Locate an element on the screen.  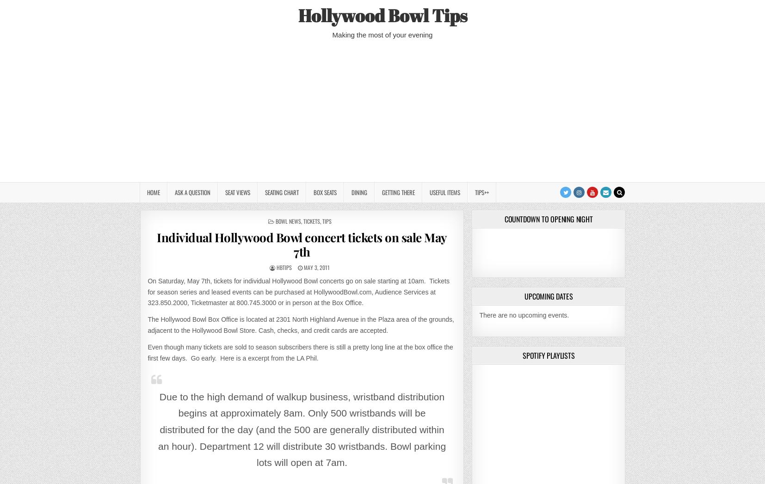
'HBTips' is located at coordinates (284, 266).